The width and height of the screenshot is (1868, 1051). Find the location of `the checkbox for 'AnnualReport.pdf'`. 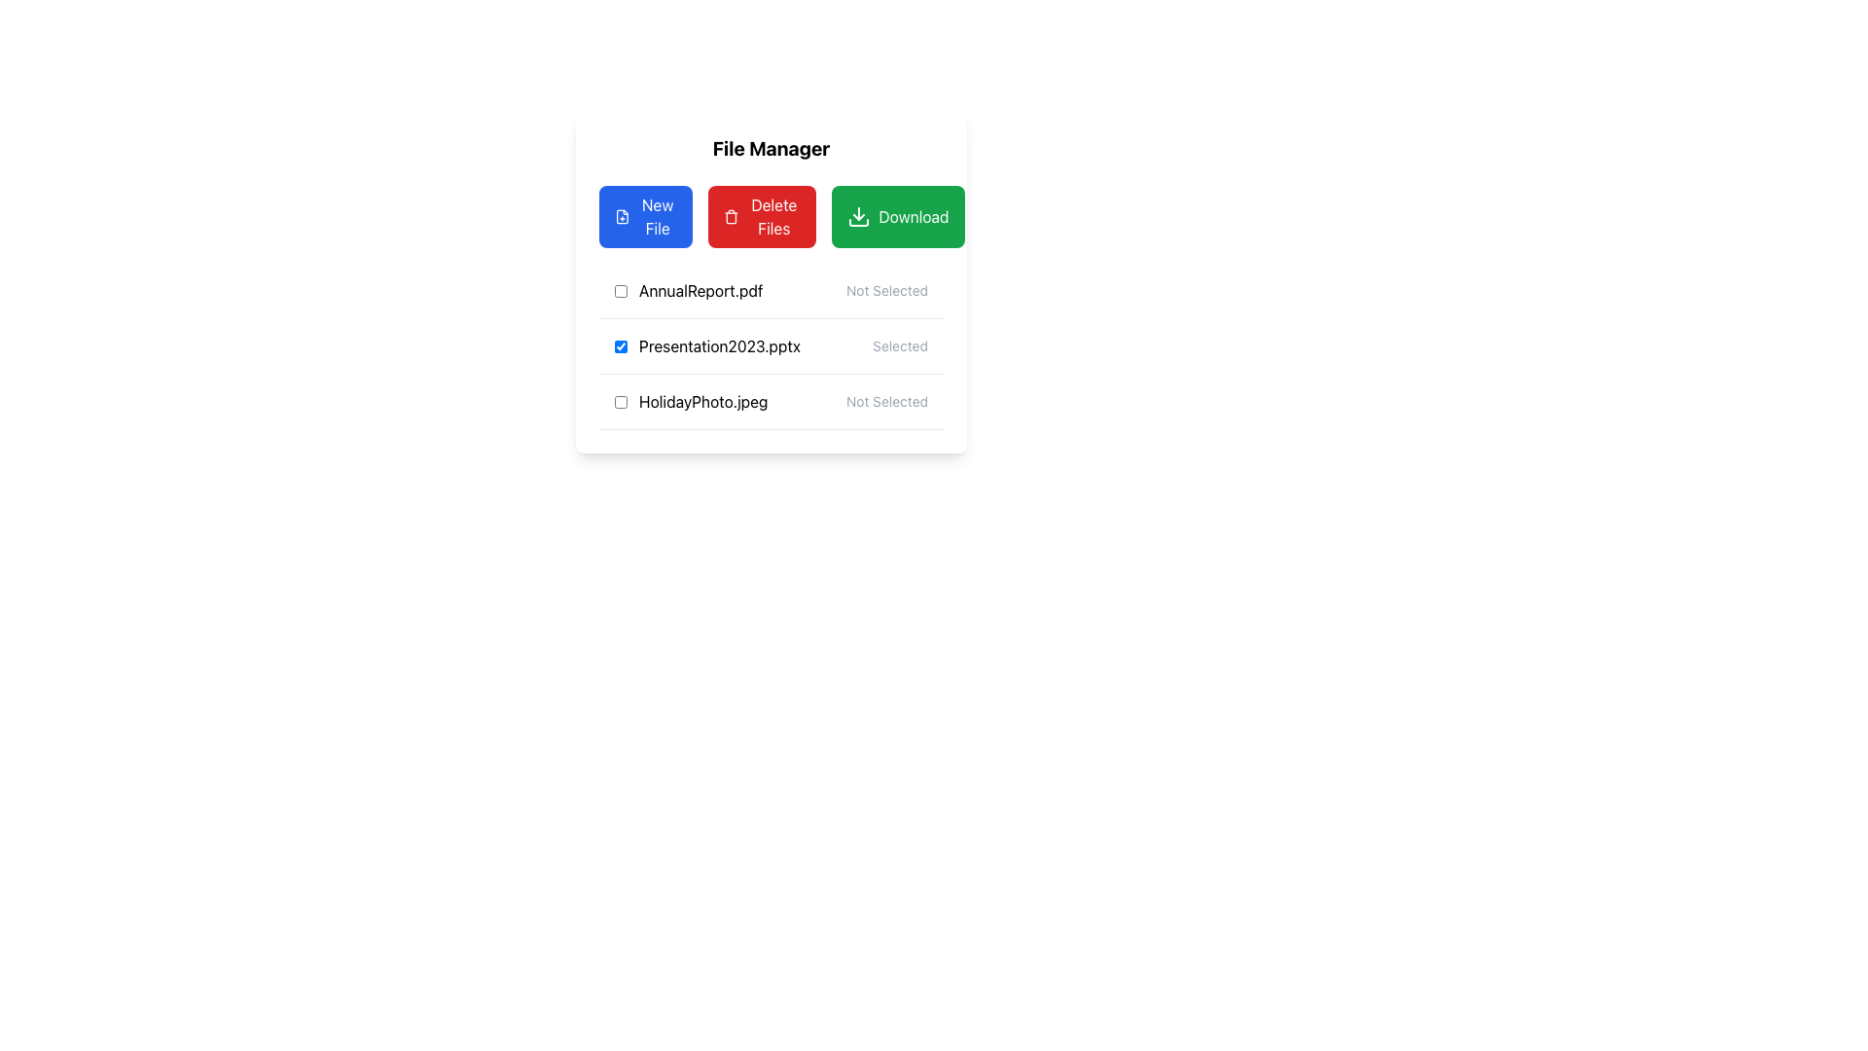

the checkbox for 'AnnualReport.pdf' is located at coordinates (620, 291).